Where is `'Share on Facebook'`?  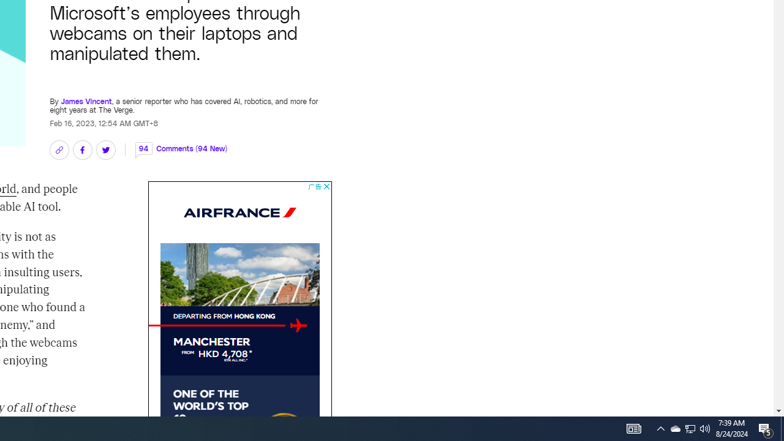
'Share on Facebook' is located at coordinates (81, 149).